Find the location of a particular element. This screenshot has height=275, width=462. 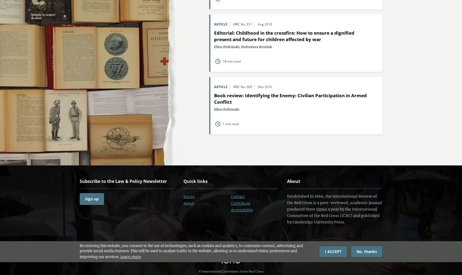

'Ellen Policinski, Kvitoslava Krotiuk' is located at coordinates (214, 47).